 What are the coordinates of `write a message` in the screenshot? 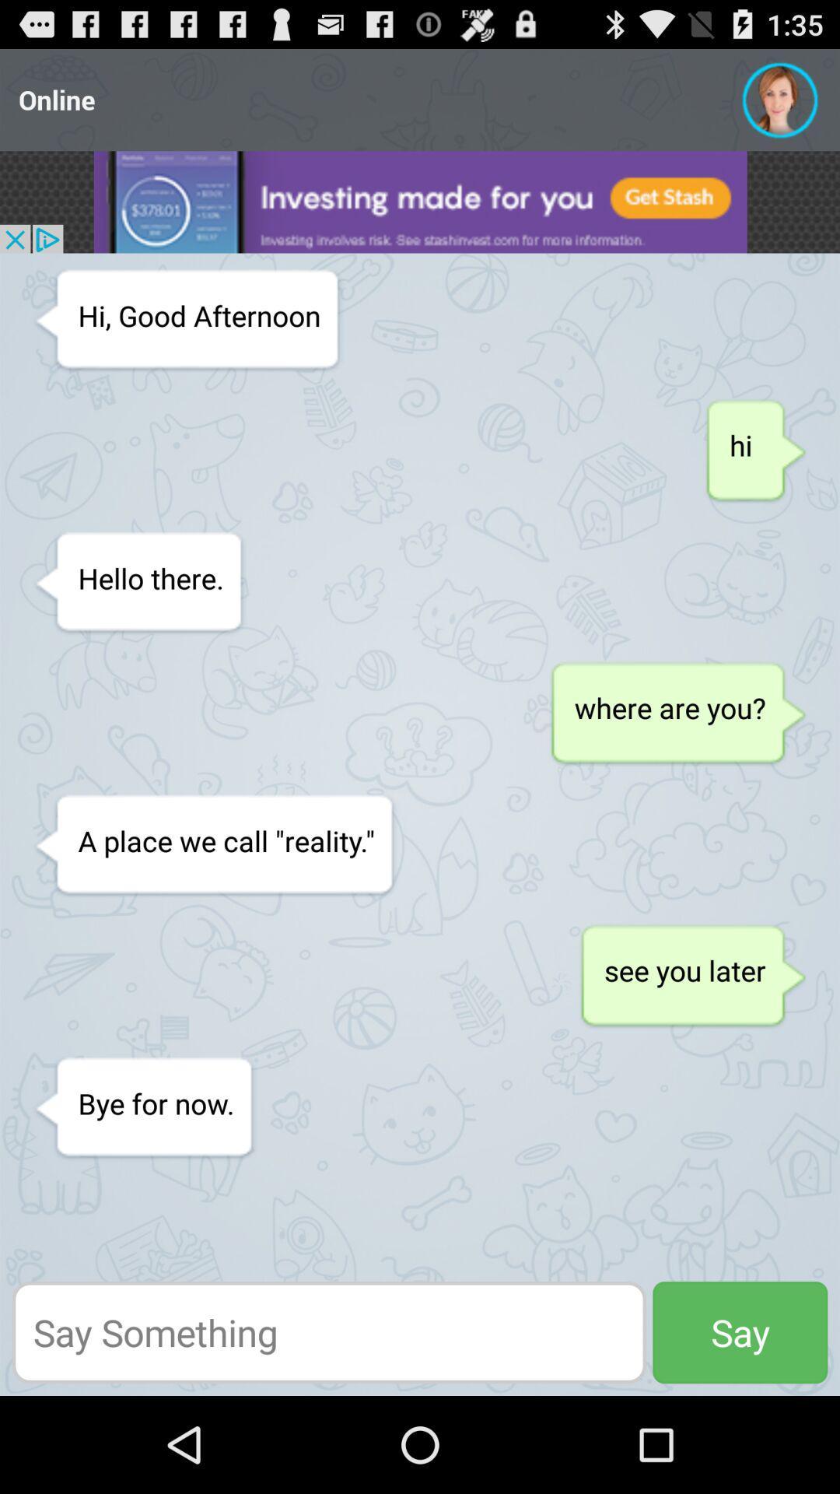 It's located at (328, 1331).